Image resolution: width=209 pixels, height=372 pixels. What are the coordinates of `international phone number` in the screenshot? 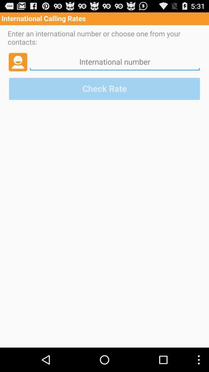 It's located at (114, 61).